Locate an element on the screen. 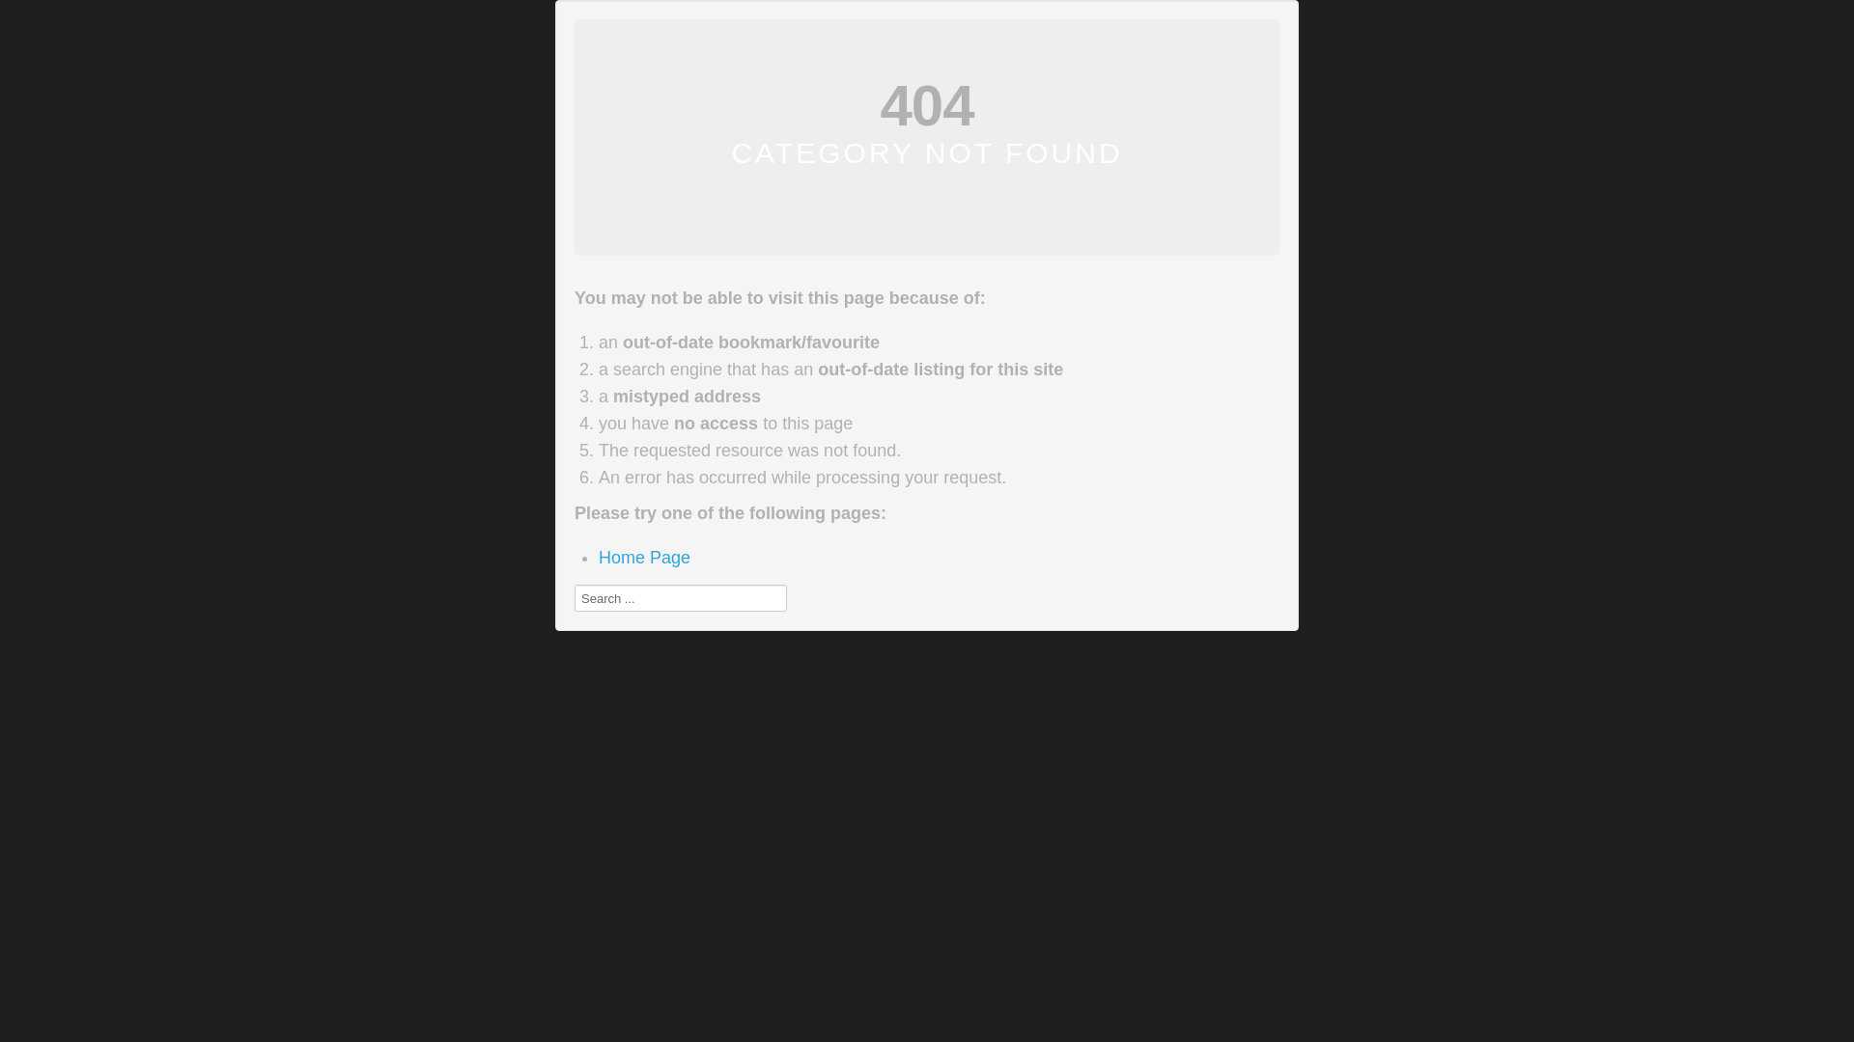 The height and width of the screenshot is (1042, 1854). 'Home Page' is located at coordinates (597, 558).